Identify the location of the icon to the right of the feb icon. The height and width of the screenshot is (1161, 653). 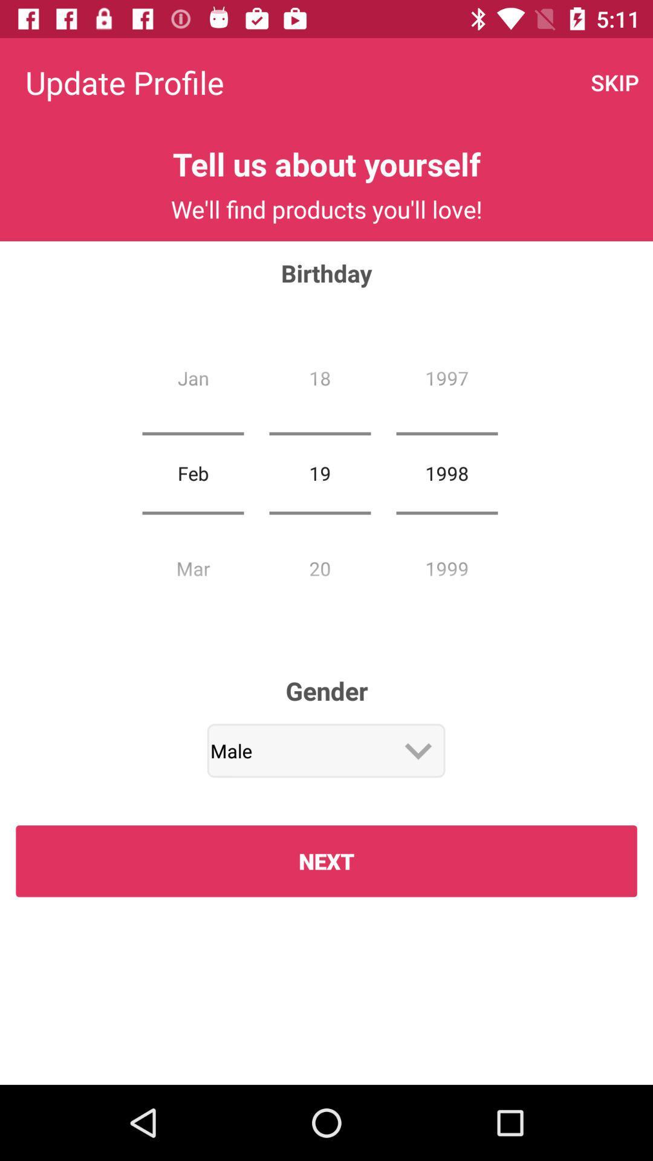
(319, 472).